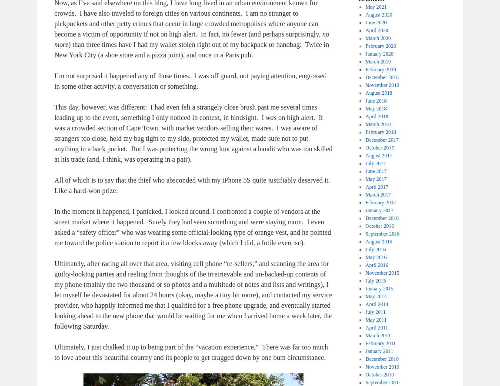 Image resolution: width=500 pixels, height=386 pixels. Describe the element at coordinates (376, 327) in the screenshot. I see `'April 2011'` at that location.